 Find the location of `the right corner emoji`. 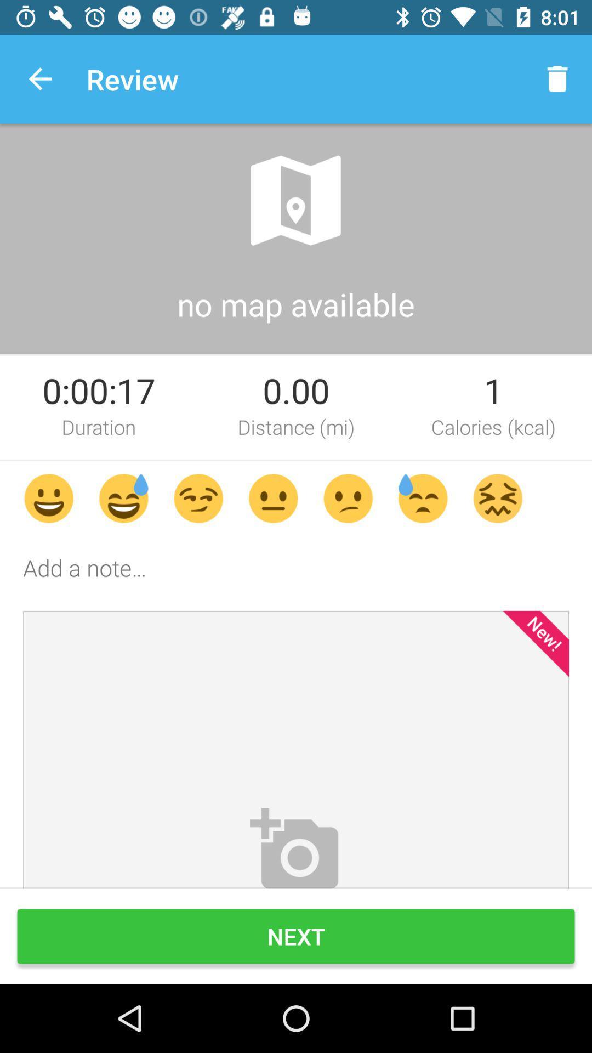

the right corner emoji is located at coordinates (498, 497).